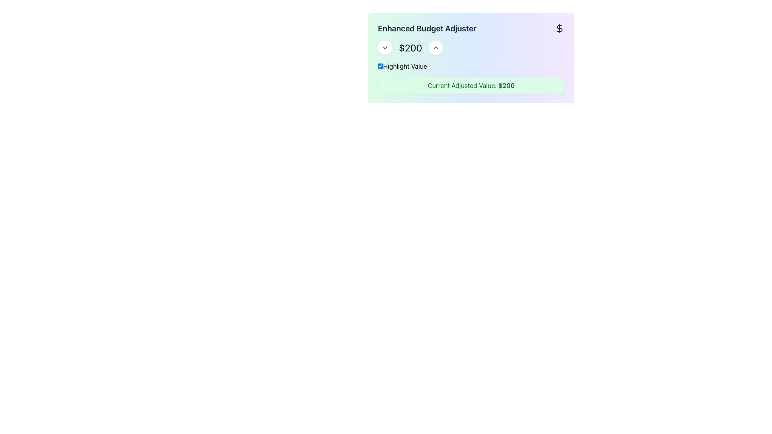 The image size is (772, 434). I want to click on the circular buttons of the Composite UI element labeled '$200' in the 'Enhanced Budget Adjuster' section for visual feedback, so click(471, 48).